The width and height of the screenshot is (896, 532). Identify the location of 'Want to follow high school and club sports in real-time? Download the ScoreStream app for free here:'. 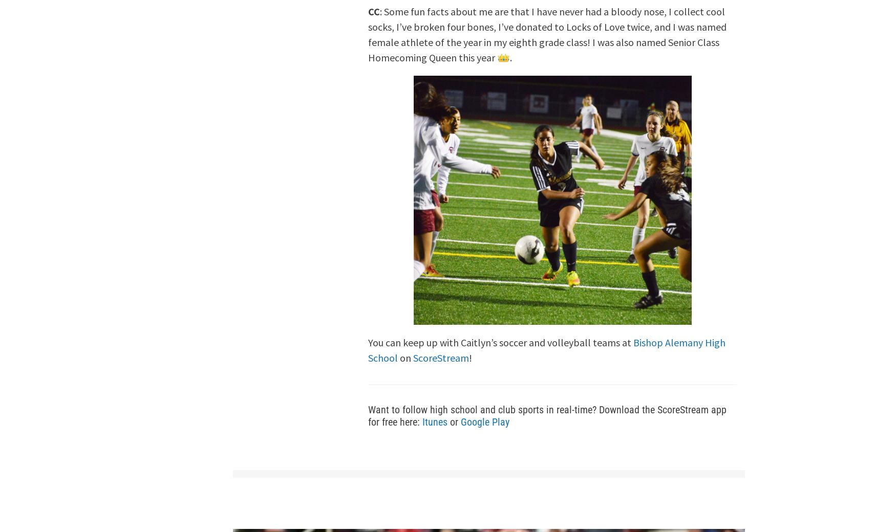
(547, 415).